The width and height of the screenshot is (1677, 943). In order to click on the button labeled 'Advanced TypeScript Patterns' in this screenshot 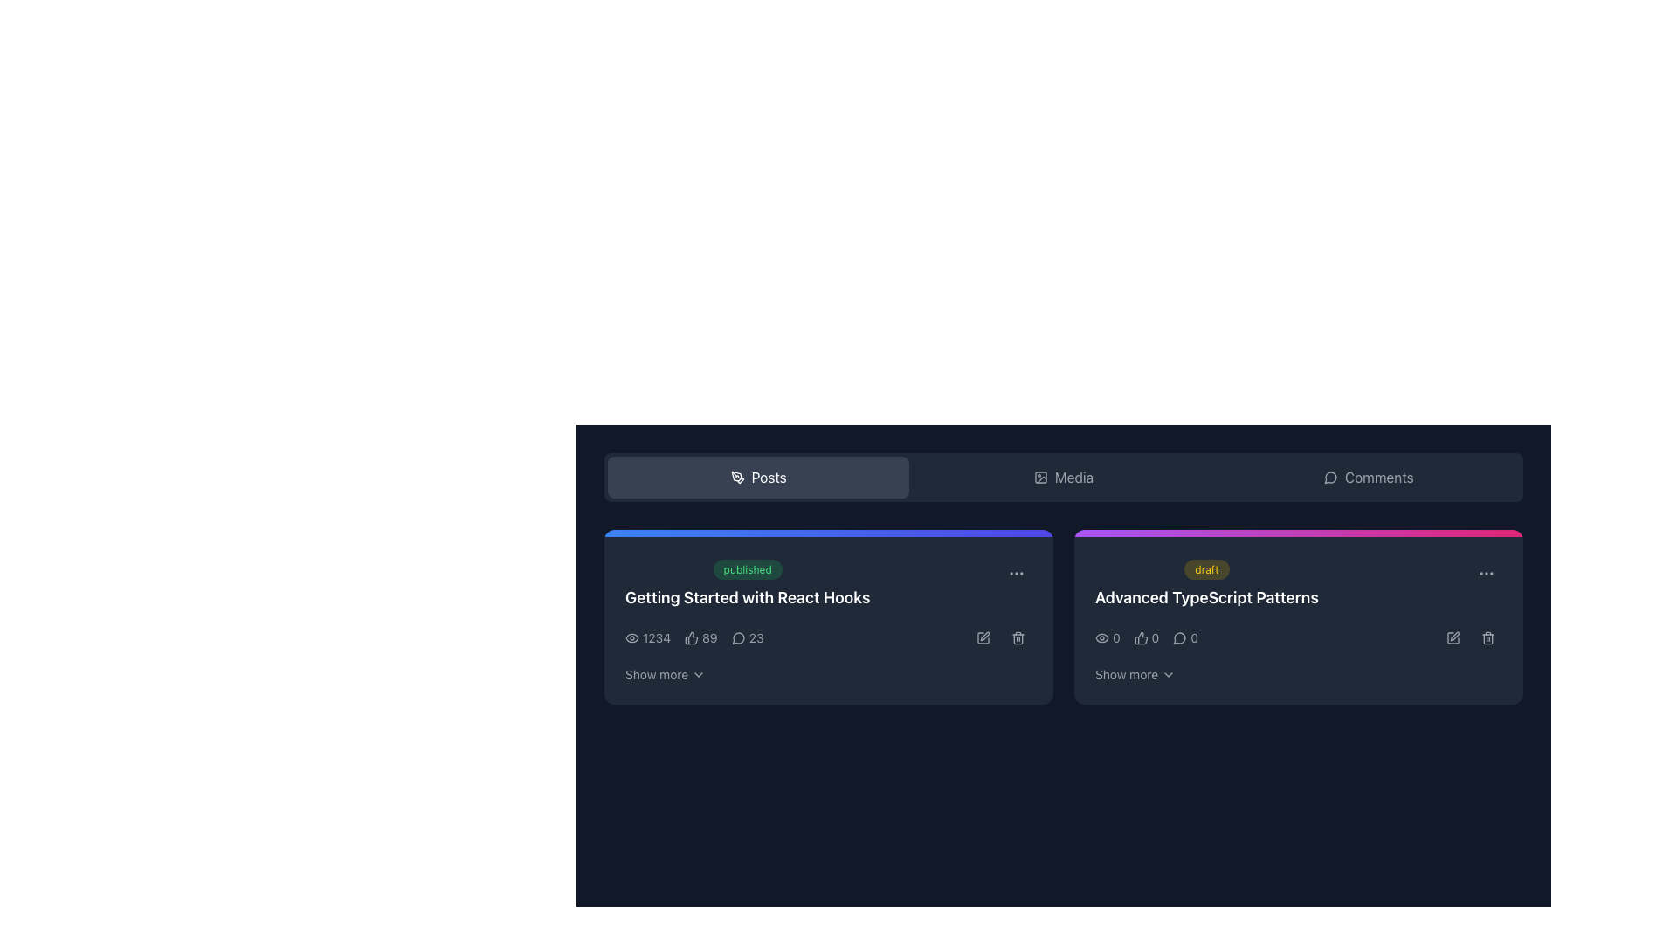, I will do `click(1127, 673)`.